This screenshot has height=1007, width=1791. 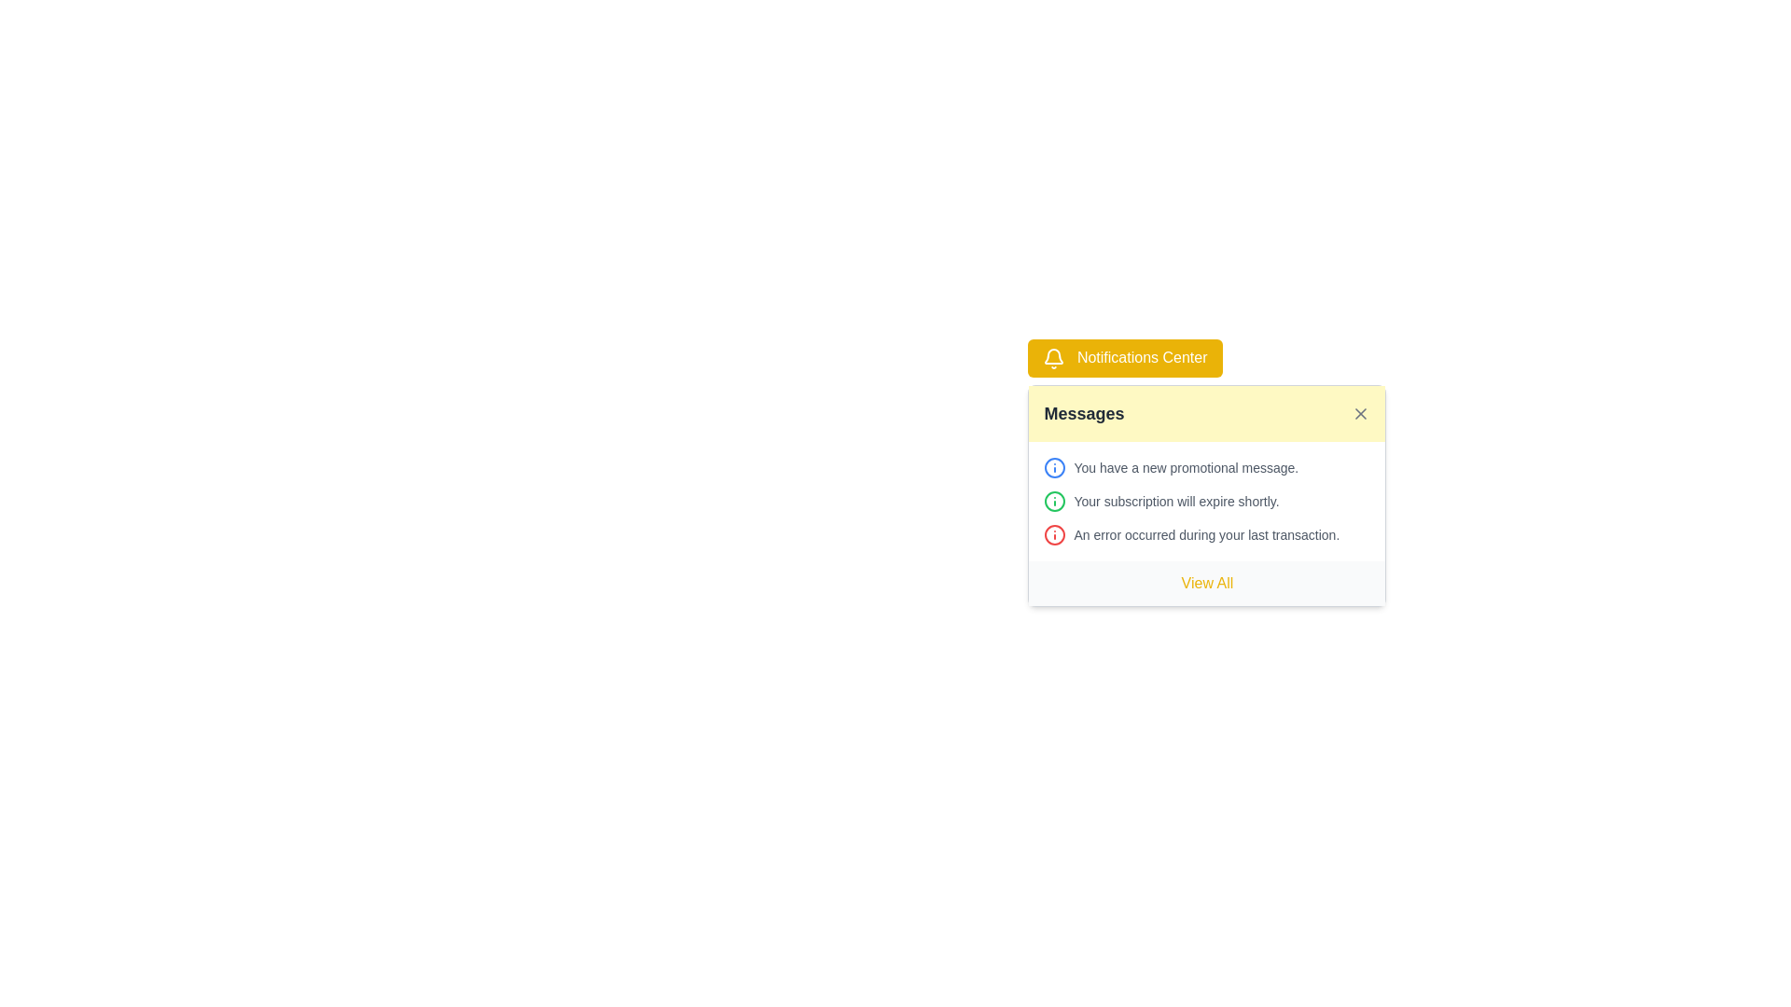 I want to click on the 'Messages' text label, which is displayed in bold and large fonts with a dark gray color on a light yellow background, so click(x=1084, y=412).